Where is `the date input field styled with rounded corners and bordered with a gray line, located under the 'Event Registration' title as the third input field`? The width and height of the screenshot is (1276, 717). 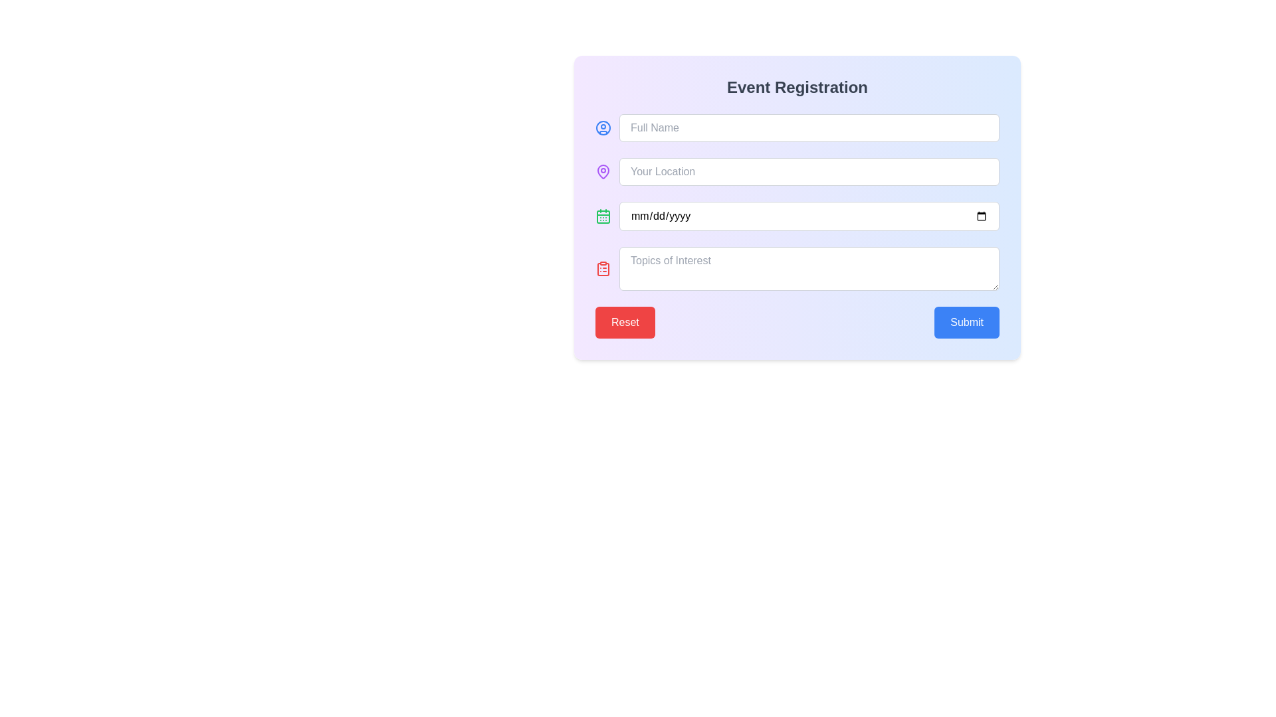
the date input field styled with rounded corners and bordered with a gray line, located under the 'Event Registration' title as the third input field is located at coordinates (809, 216).